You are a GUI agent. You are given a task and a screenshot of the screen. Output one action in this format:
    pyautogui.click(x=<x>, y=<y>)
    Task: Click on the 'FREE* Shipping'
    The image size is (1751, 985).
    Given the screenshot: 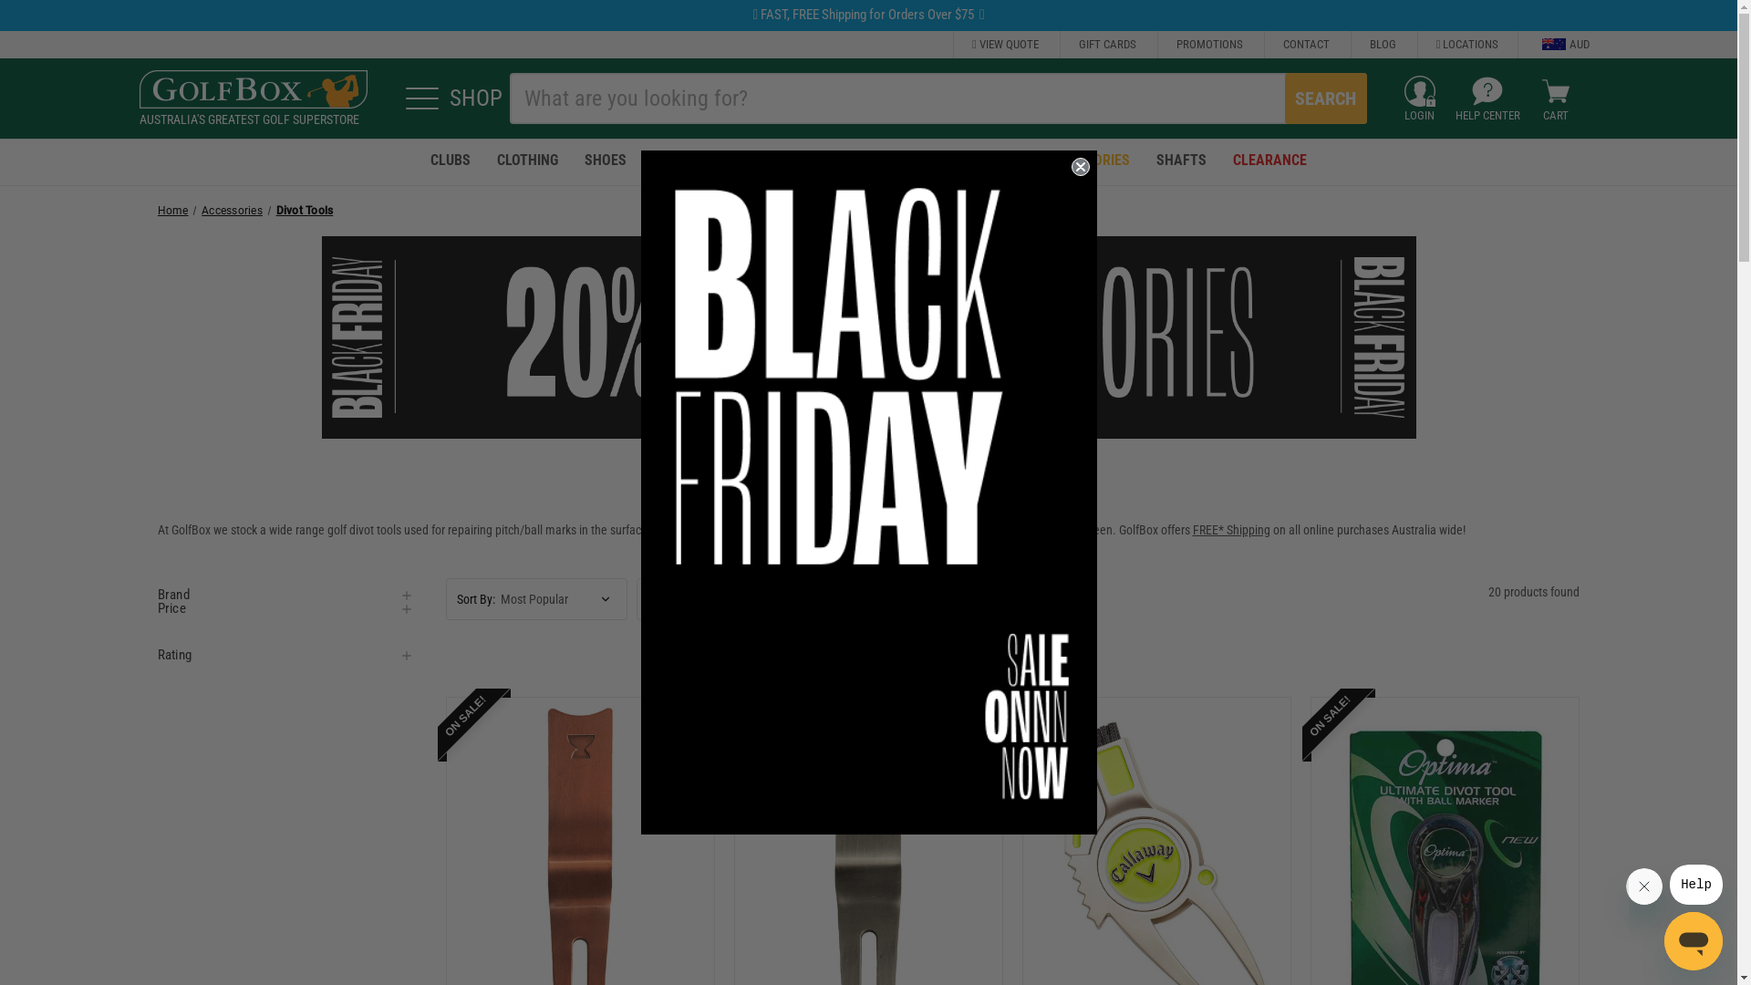 What is the action you would take?
    pyautogui.click(x=1231, y=530)
    